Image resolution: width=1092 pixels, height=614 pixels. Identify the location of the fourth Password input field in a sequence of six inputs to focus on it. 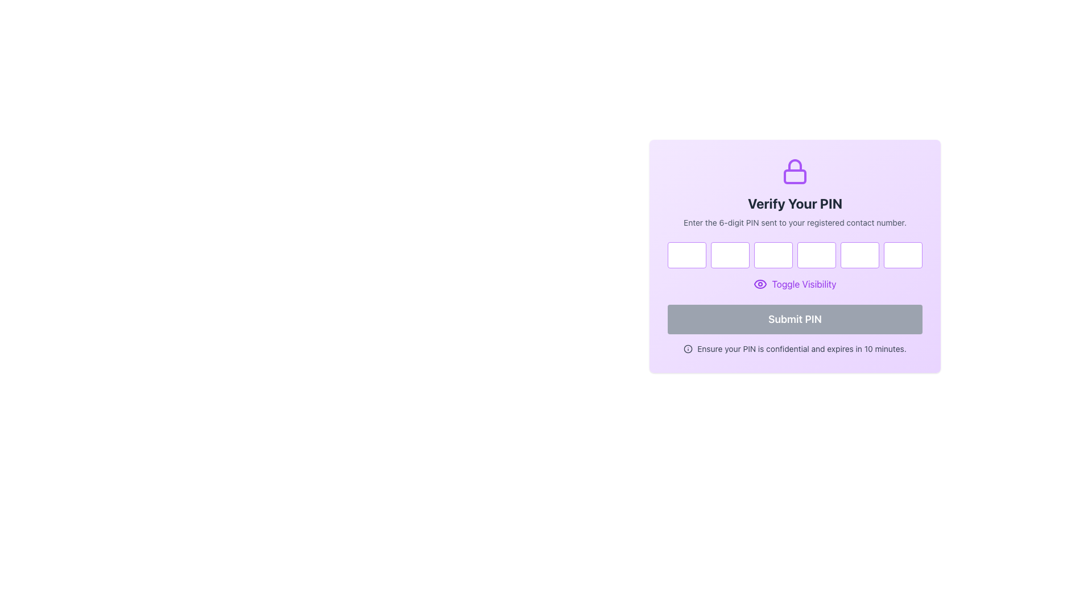
(794, 256).